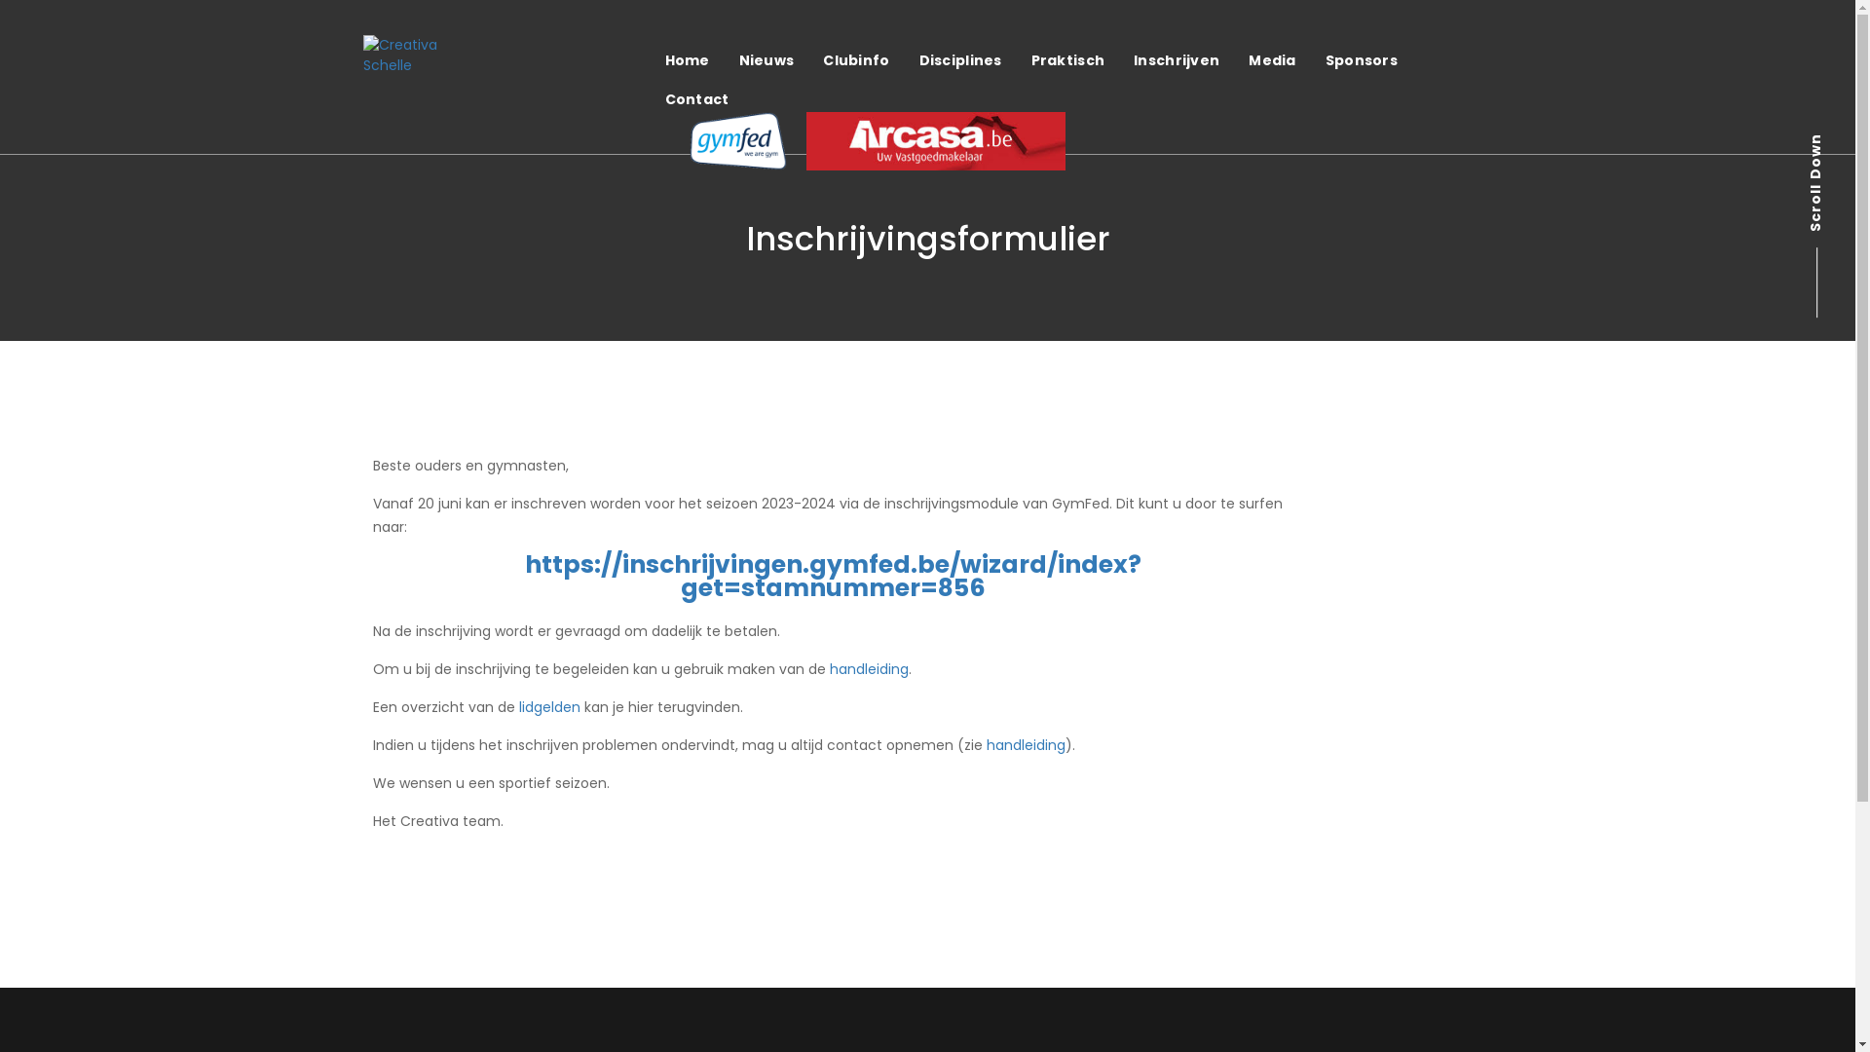 Image resolution: width=1870 pixels, height=1052 pixels. Describe the element at coordinates (1271, 58) in the screenshot. I see `'Media'` at that location.